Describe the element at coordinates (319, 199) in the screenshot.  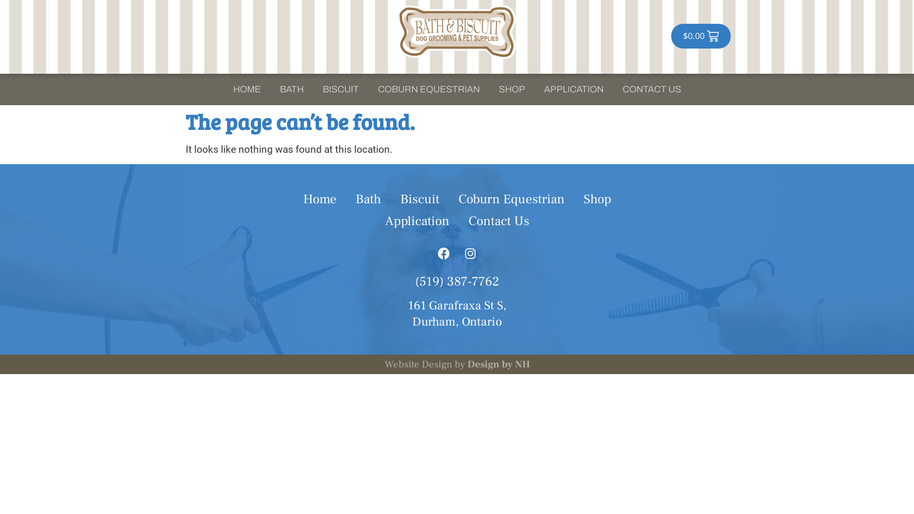
I see `'Home'` at that location.